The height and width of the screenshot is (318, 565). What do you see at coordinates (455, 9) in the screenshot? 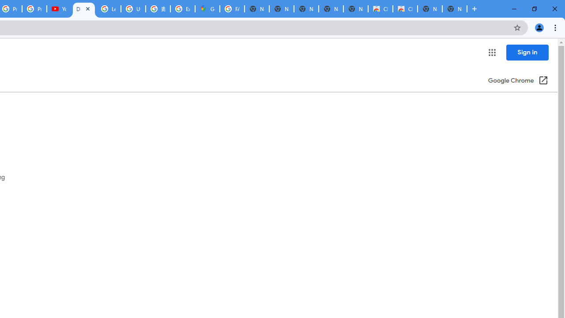
I see `'New Tab'` at bounding box center [455, 9].